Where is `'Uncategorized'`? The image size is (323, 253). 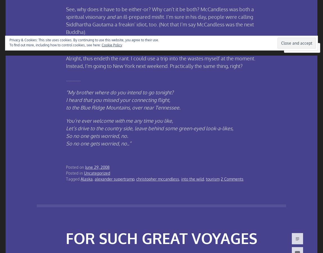
'Uncategorized' is located at coordinates (84, 172).